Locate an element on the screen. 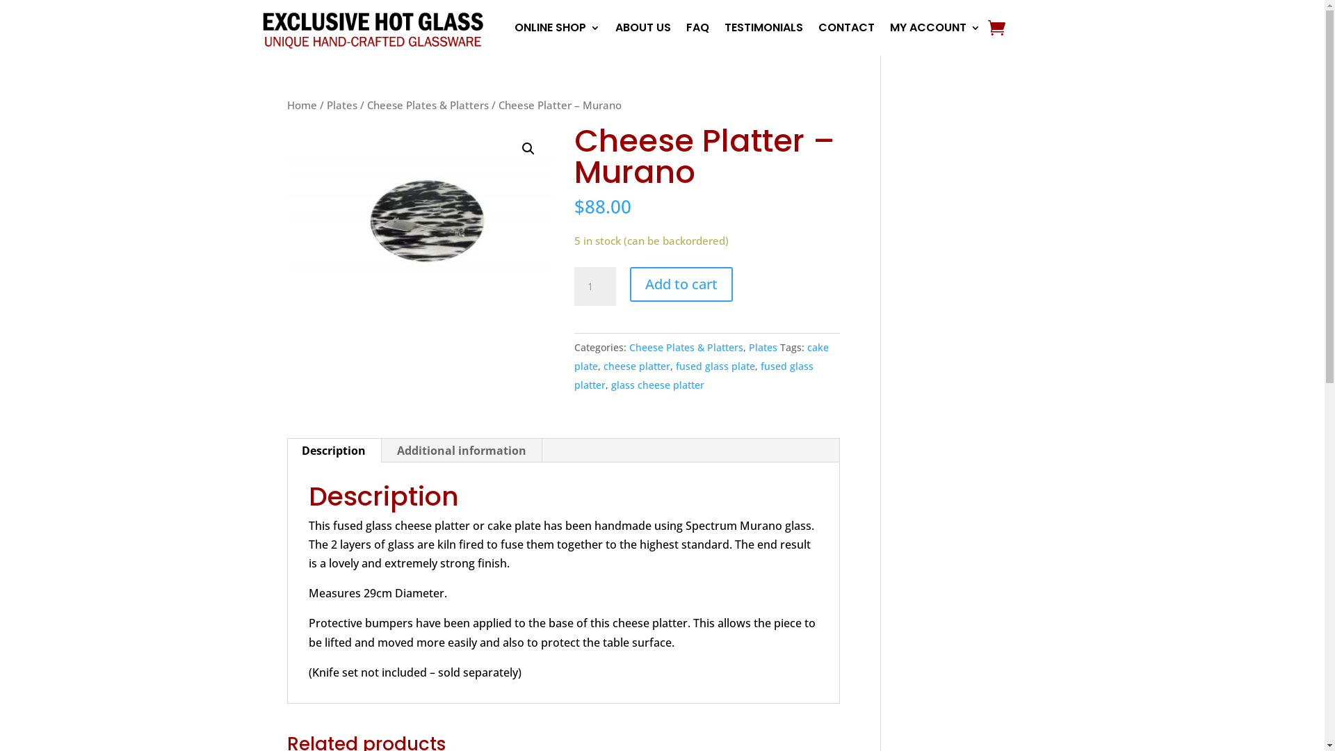 This screenshot has width=1335, height=751. 'Add to cart' is located at coordinates (629, 283).